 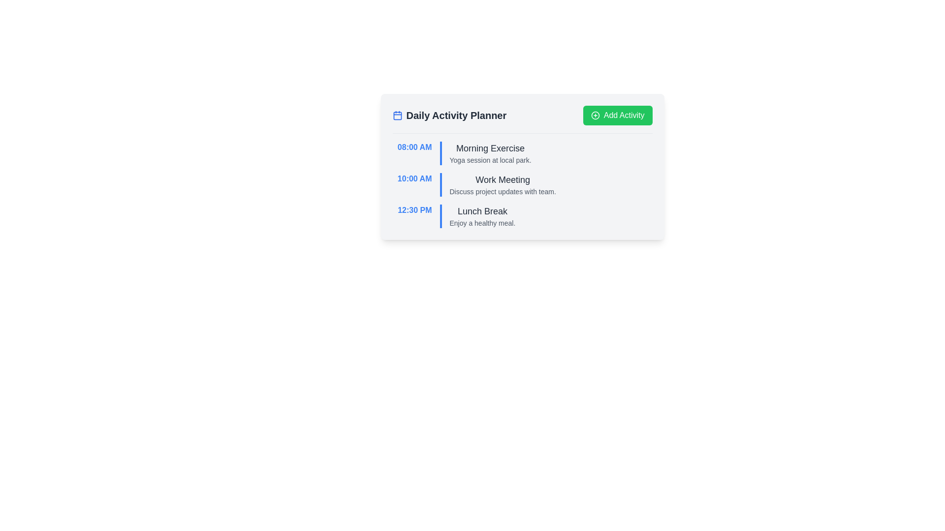 I want to click on the text that provides additional details about the 'Morning Exercise' activity, which describes it as a yoga session occurring at a local park, so click(x=490, y=160).